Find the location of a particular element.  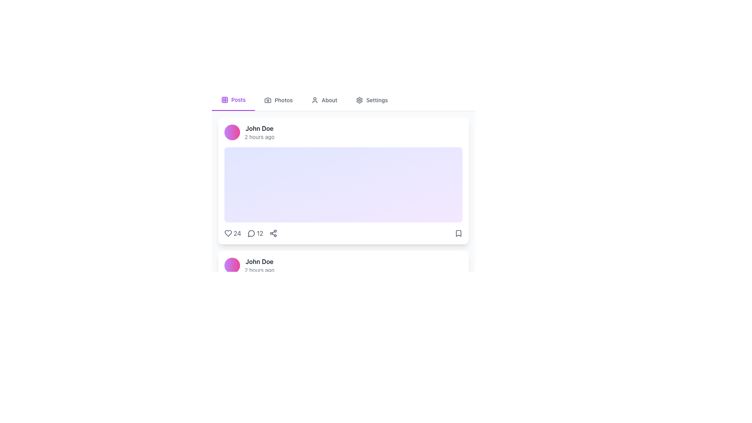

the 'Settings' button in the header navigation bar, which features a gear icon and changes color to purple when hovered over is located at coordinates (371, 99).